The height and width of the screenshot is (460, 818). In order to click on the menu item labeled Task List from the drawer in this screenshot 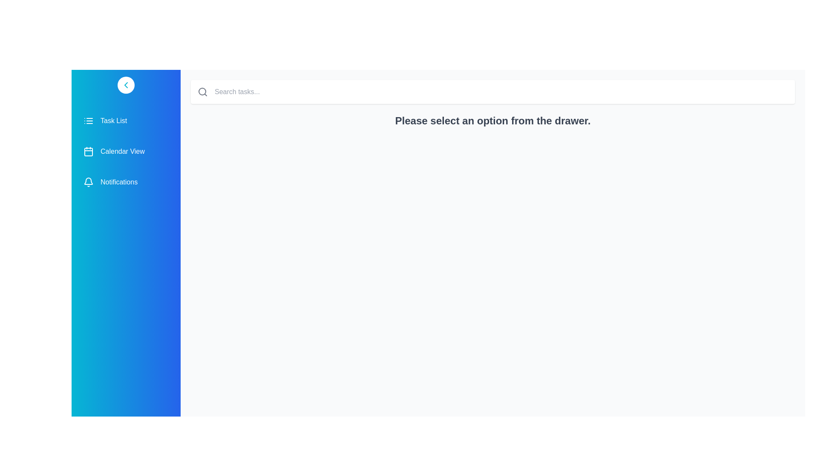, I will do `click(126, 121)`.